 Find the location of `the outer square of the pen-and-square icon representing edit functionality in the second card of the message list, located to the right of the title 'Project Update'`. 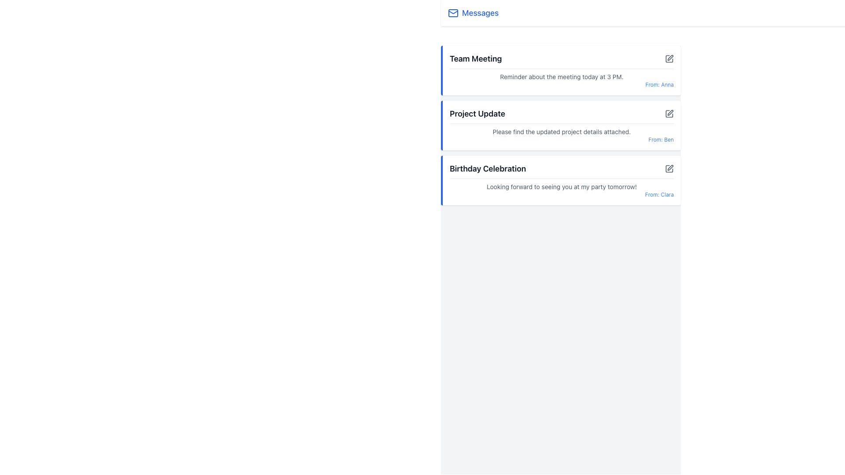

the outer square of the pen-and-square icon representing edit functionality in the second card of the message list, located to the right of the title 'Project Update' is located at coordinates (669, 113).